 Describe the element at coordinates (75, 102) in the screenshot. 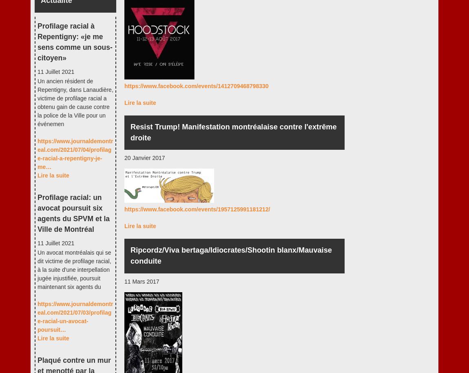

I see `'Un ancien résident de Repentigny, dans Lanaudière, victime de profilage racial a obtenu gain de cause contre la police de la Ville pour un événemen'` at that location.